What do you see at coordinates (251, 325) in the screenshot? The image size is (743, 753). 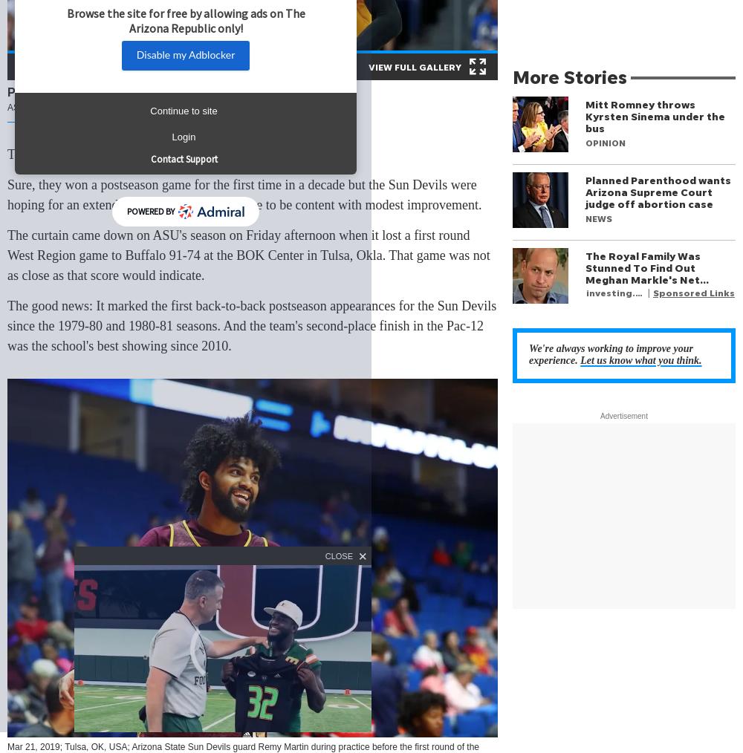 I see `'The good news: It marked the first back-to-back postseason appearances for the Sun Devils since the 1979-80 and 1980-81 seasons. And the team's second-place finish in the Pac-12 was the school's best showing since 2010.'` at bounding box center [251, 325].